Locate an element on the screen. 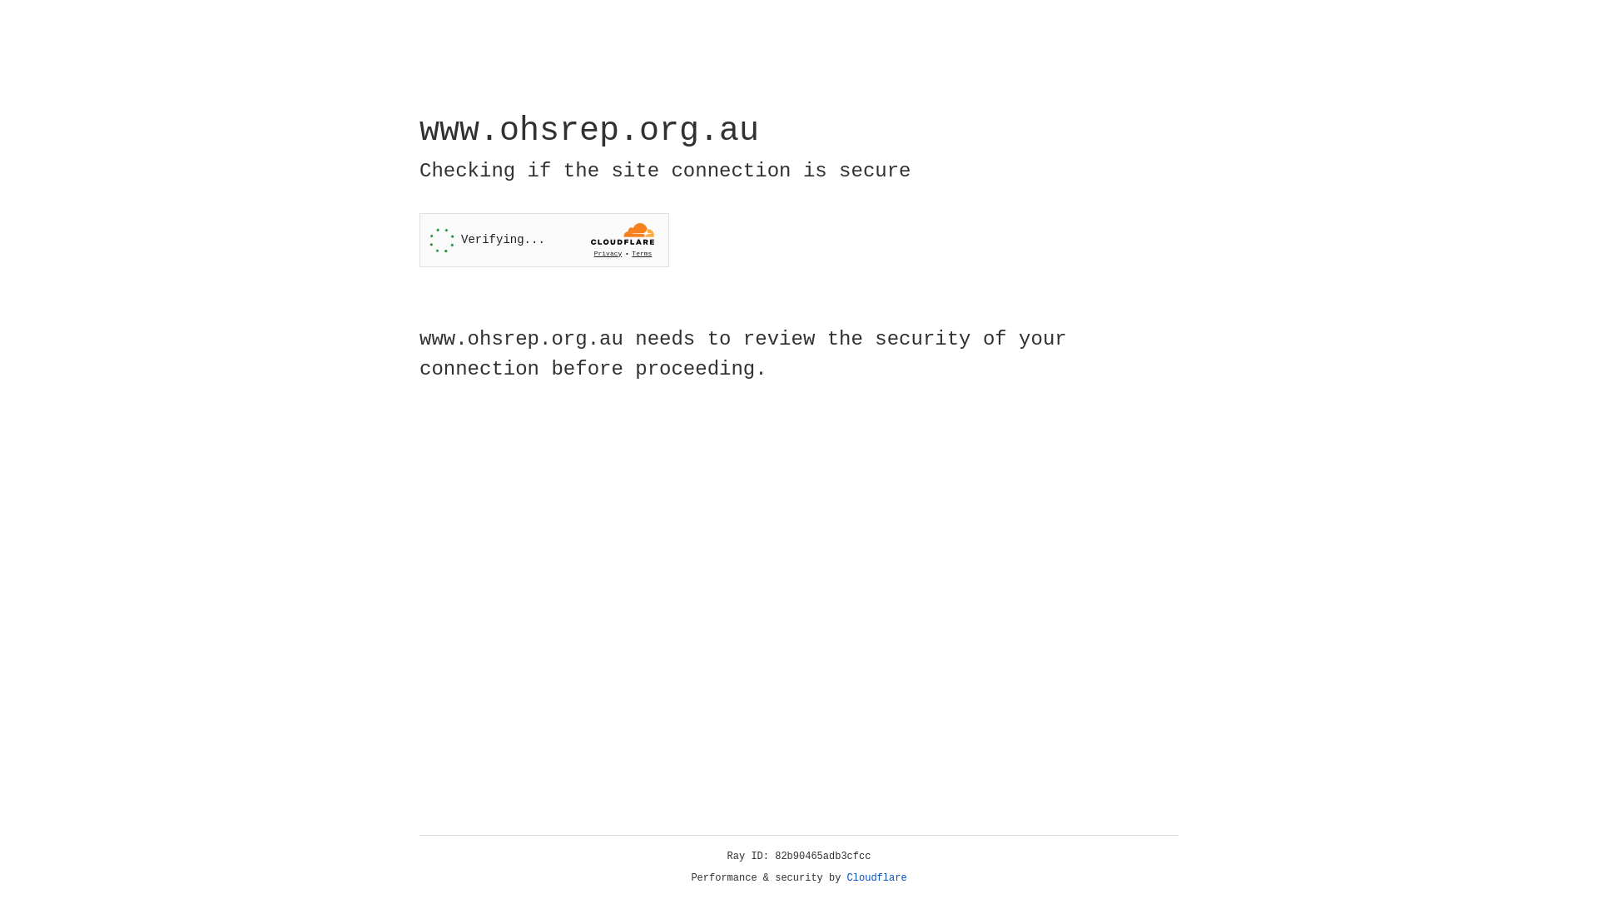 Image resolution: width=1598 pixels, height=899 pixels. 'Cloudflare' is located at coordinates (876, 877).